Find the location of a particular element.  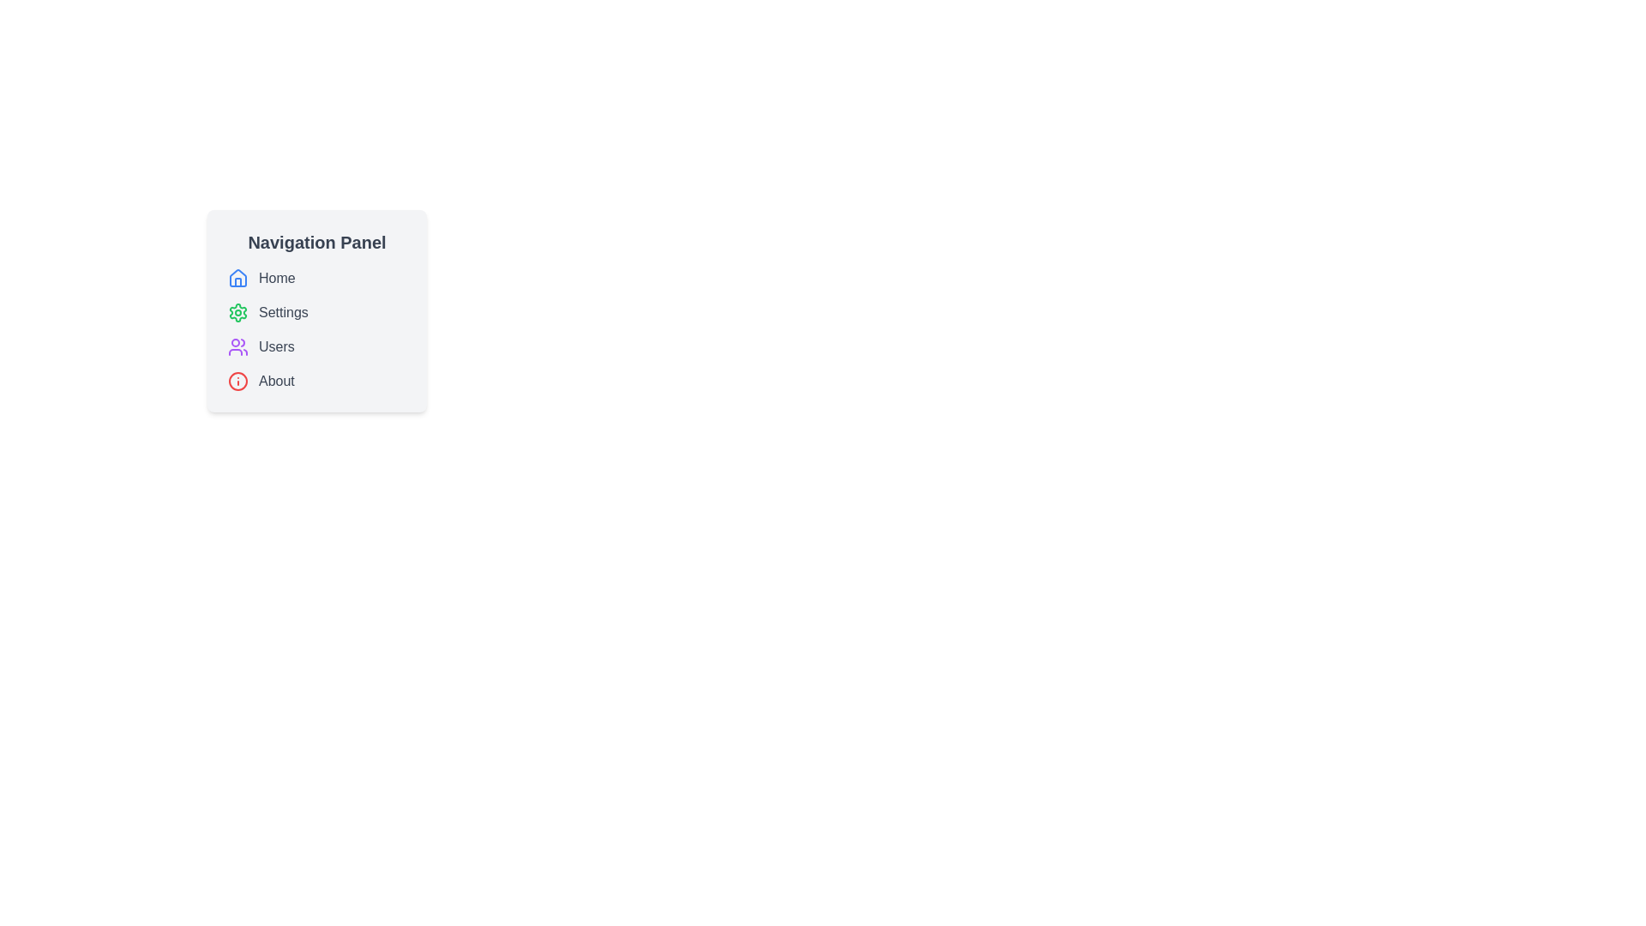

the 'Users' menu item in the vertical navigation menu is located at coordinates (316, 347).